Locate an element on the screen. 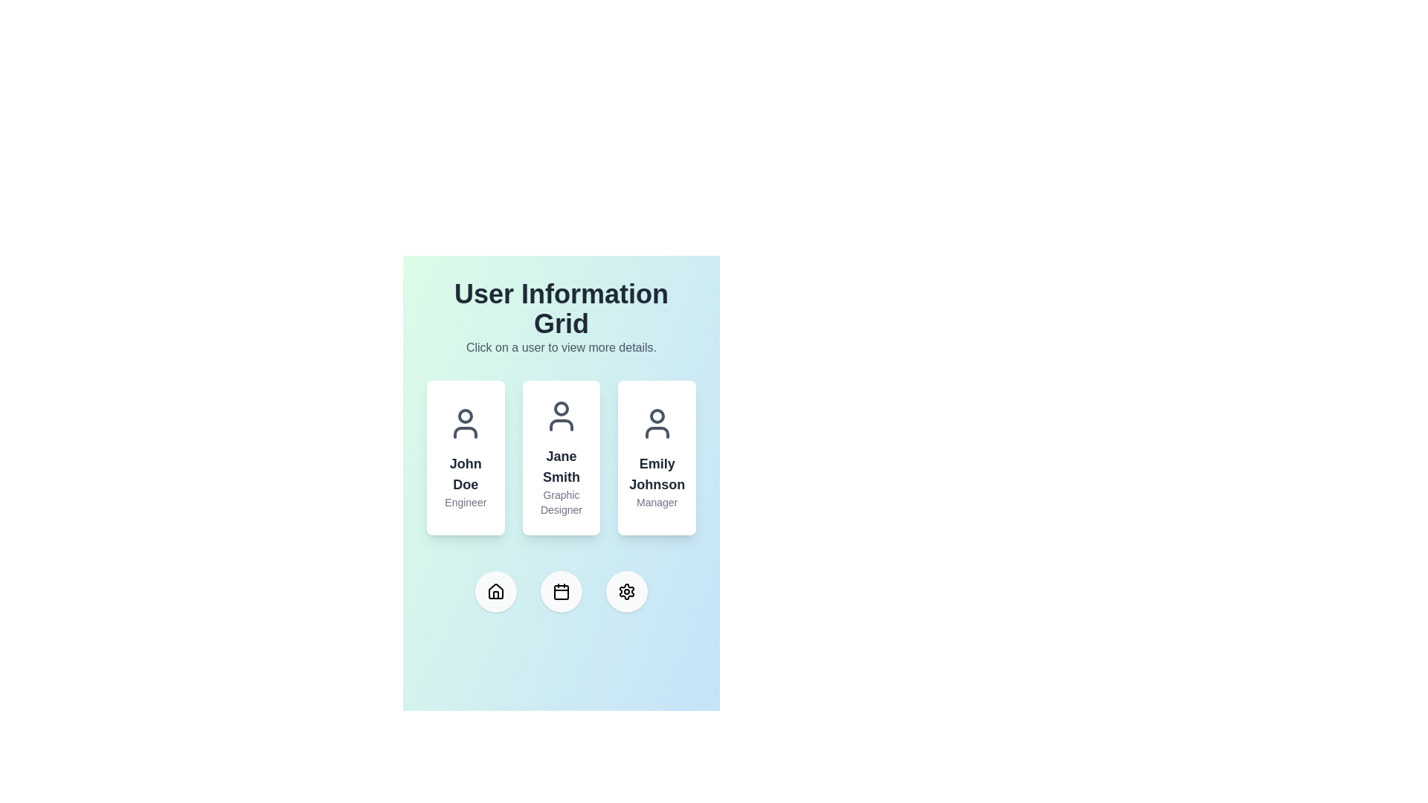 This screenshot has height=803, width=1428. the icon button located at the bottom right corner of the layout, which is the third icon from the left in a horizontal row of three is located at coordinates (627, 590).